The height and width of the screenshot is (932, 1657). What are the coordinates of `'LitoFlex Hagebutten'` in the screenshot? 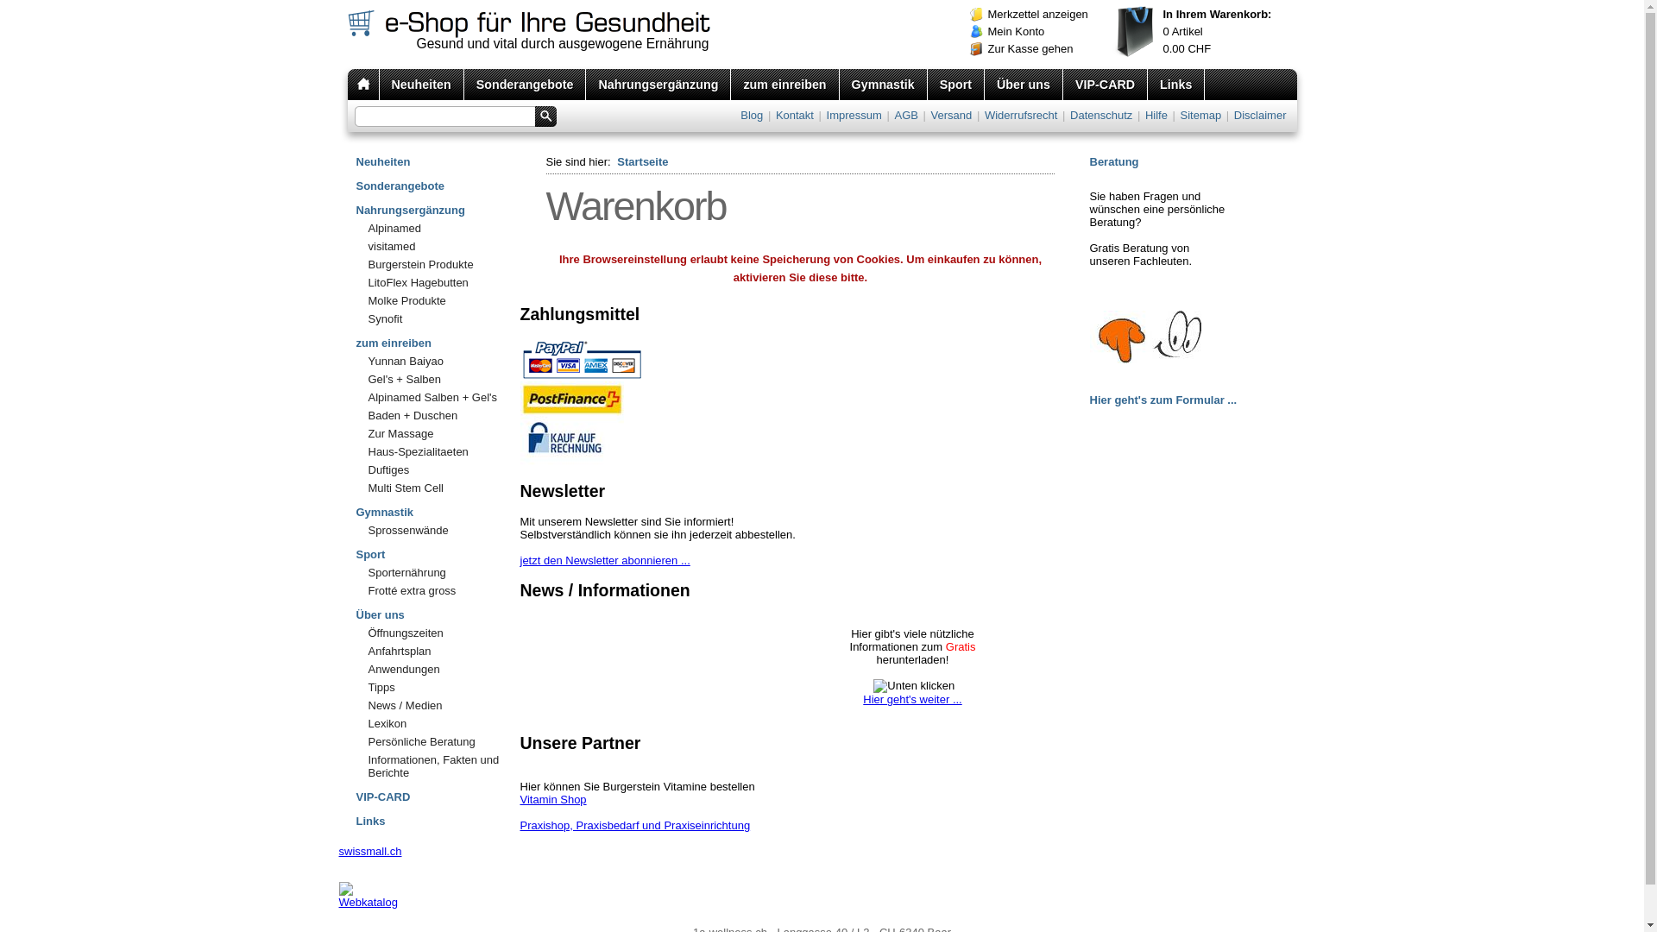 It's located at (438, 281).